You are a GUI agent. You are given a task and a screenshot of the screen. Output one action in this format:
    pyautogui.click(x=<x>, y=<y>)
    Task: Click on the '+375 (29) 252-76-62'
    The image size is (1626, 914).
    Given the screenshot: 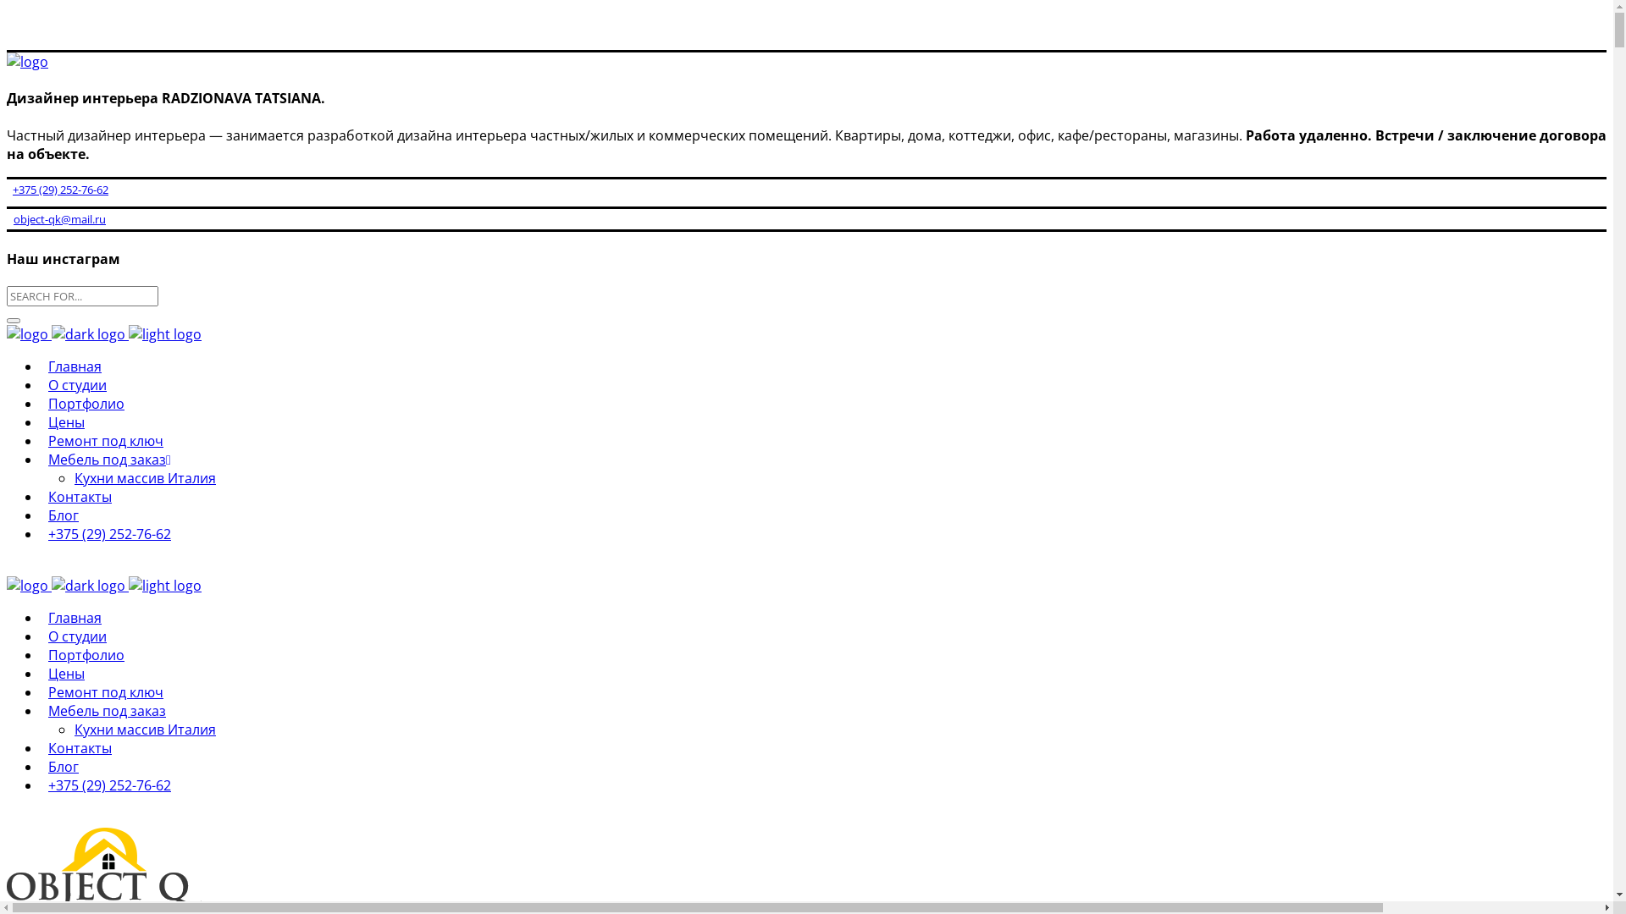 What is the action you would take?
    pyautogui.click(x=41, y=534)
    